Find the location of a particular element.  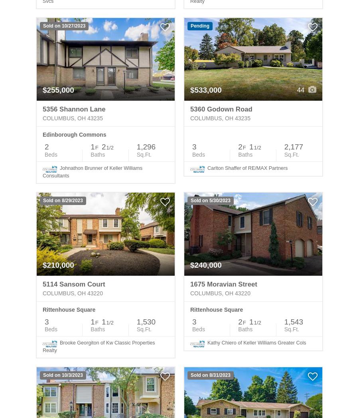

'1675 Moravian Street' is located at coordinates (223, 284).